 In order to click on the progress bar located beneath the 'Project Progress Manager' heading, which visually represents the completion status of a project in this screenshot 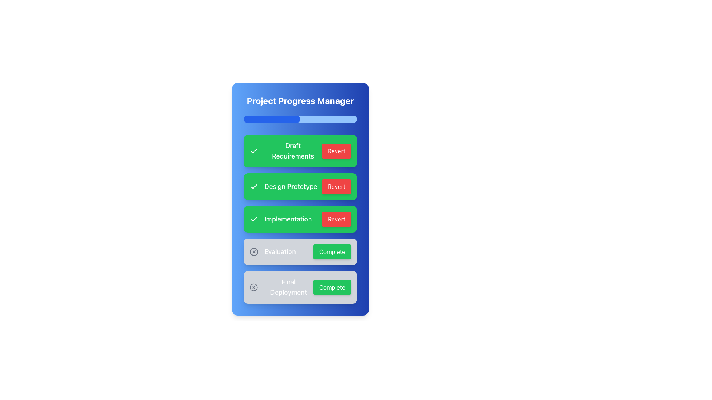, I will do `click(300, 119)`.